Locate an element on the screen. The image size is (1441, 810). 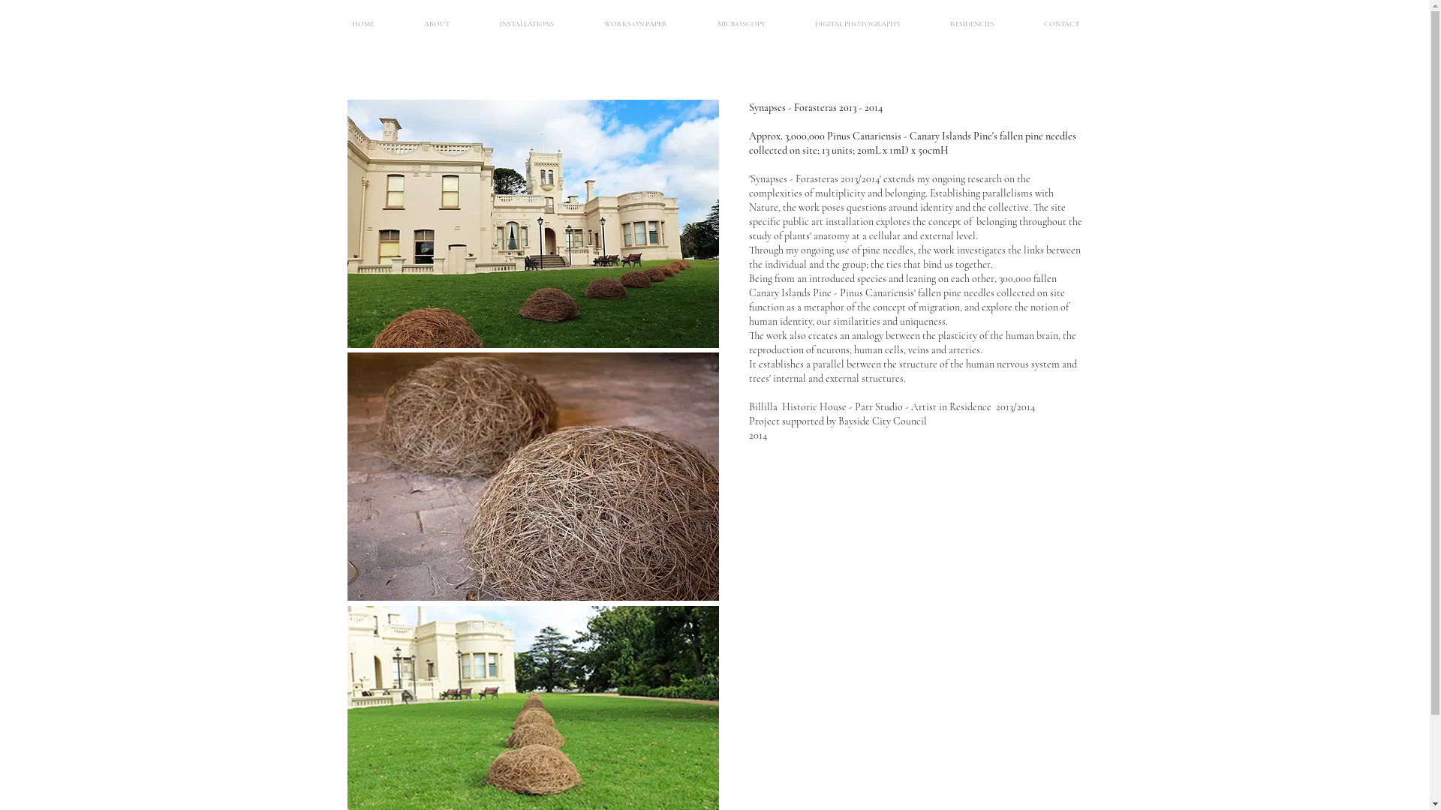
'WORKS ON PAPER' is located at coordinates (636, 23).